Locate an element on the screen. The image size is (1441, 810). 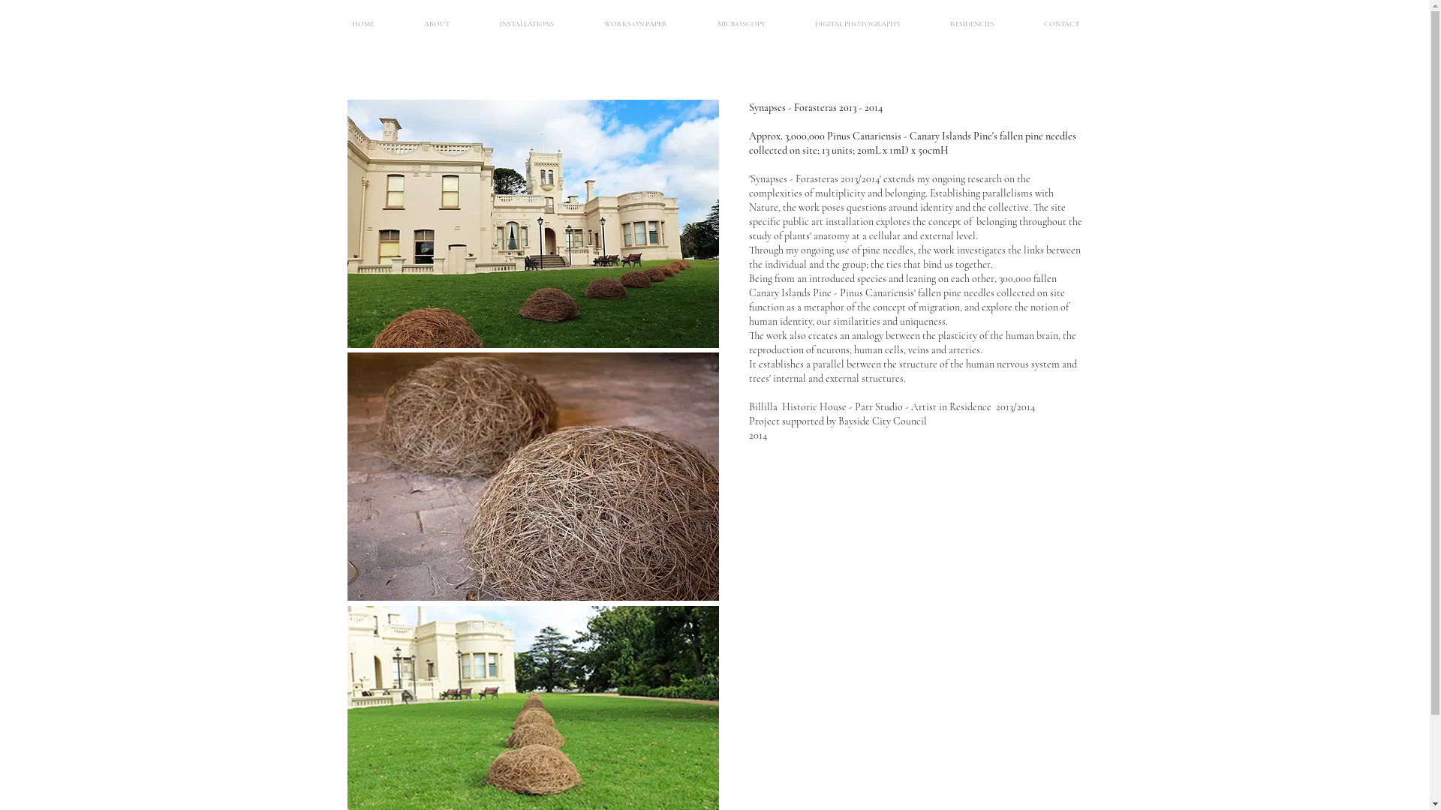
'WORKS ON PAPER' is located at coordinates (636, 23).